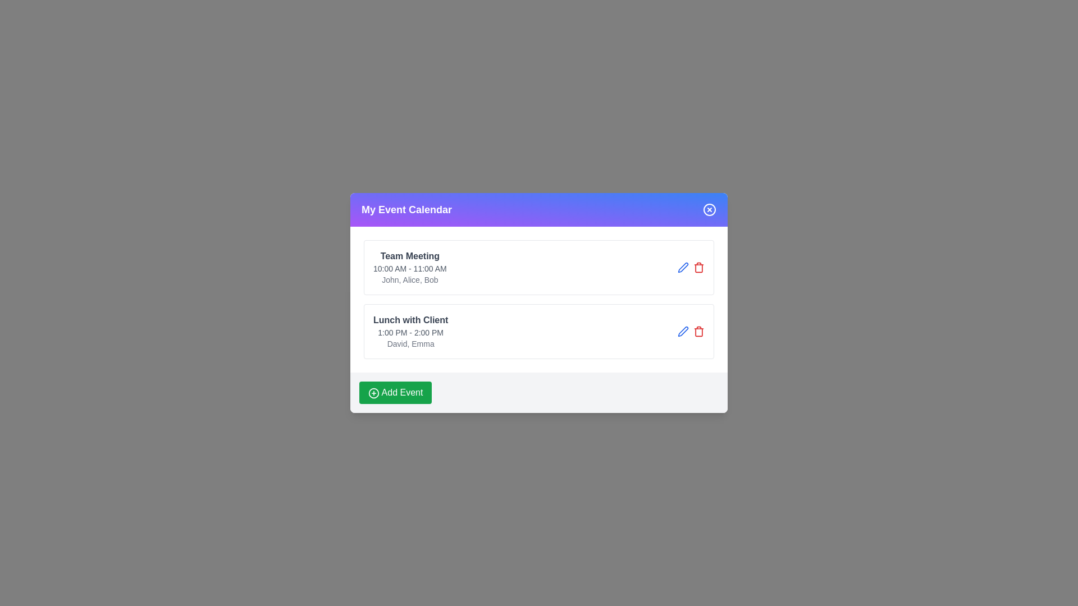 The width and height of the screenshot is (1078, 606). Describe the element at coordinates (698, 268) in the screenshot. I see `the red trash can icon button for the 'Lunch with Client' event` at that location.